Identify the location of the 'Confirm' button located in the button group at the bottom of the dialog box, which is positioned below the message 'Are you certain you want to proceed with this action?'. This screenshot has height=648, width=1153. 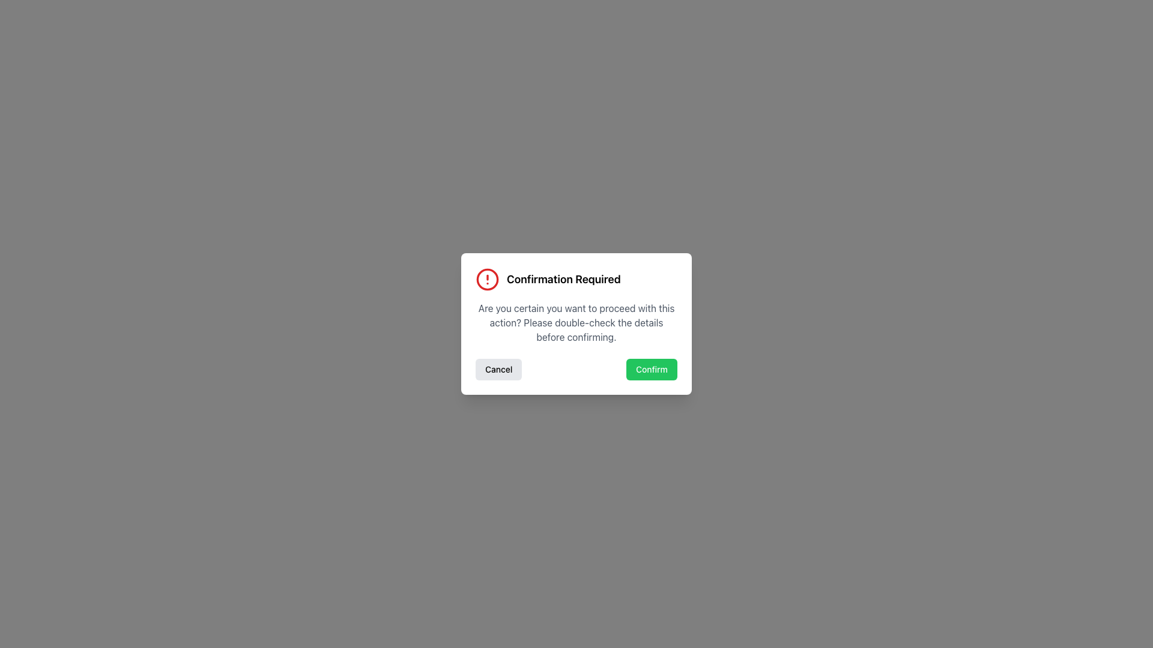
(576, 369).